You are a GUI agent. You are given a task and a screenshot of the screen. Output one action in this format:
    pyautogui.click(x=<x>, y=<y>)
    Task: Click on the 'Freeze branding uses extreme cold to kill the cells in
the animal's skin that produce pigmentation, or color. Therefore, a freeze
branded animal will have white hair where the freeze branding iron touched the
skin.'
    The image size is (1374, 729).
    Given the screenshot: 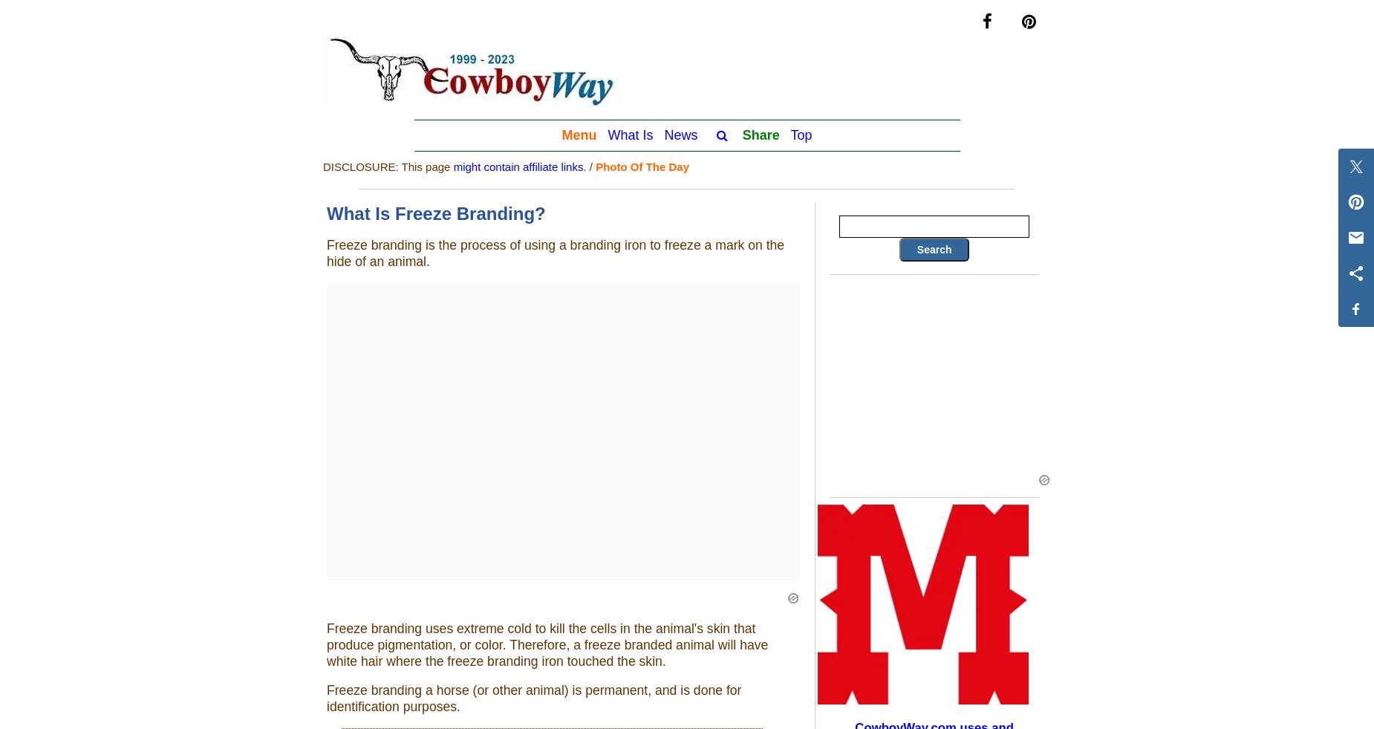 What is the action you would take?
    pyautogui.click(x=325, y=644)
    